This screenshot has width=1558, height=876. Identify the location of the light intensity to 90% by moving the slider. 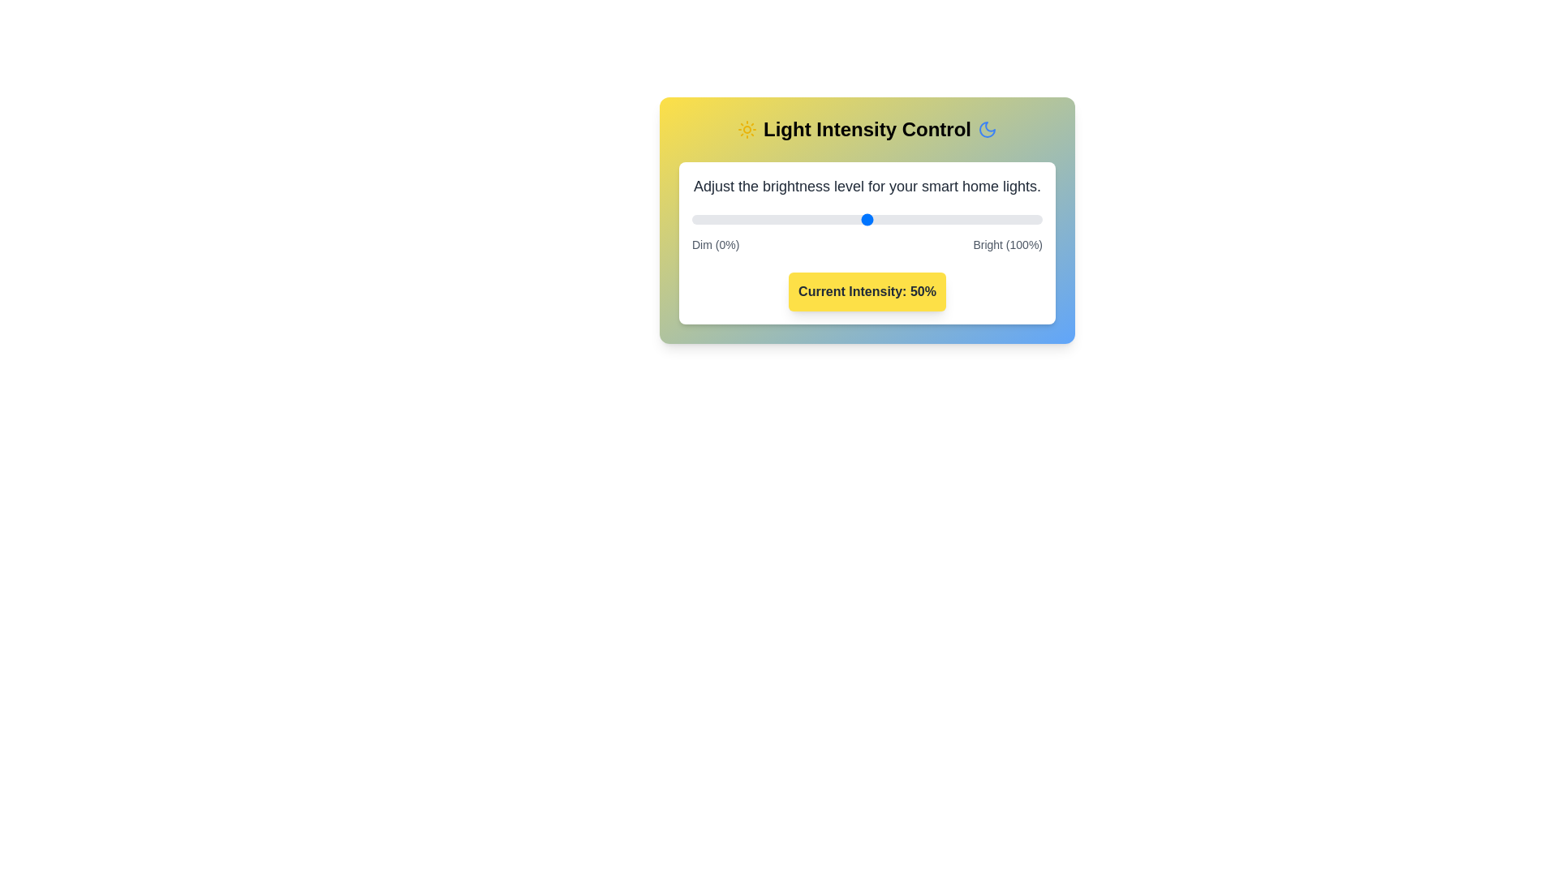
(1006, 219).